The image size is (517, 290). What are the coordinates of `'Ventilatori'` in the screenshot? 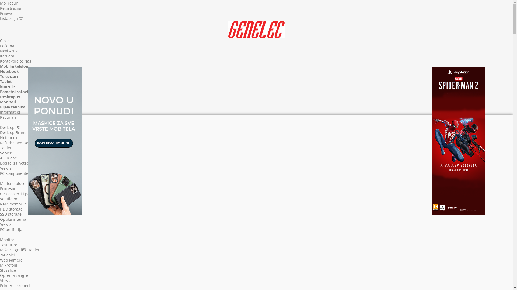 It's located at (9, 199).